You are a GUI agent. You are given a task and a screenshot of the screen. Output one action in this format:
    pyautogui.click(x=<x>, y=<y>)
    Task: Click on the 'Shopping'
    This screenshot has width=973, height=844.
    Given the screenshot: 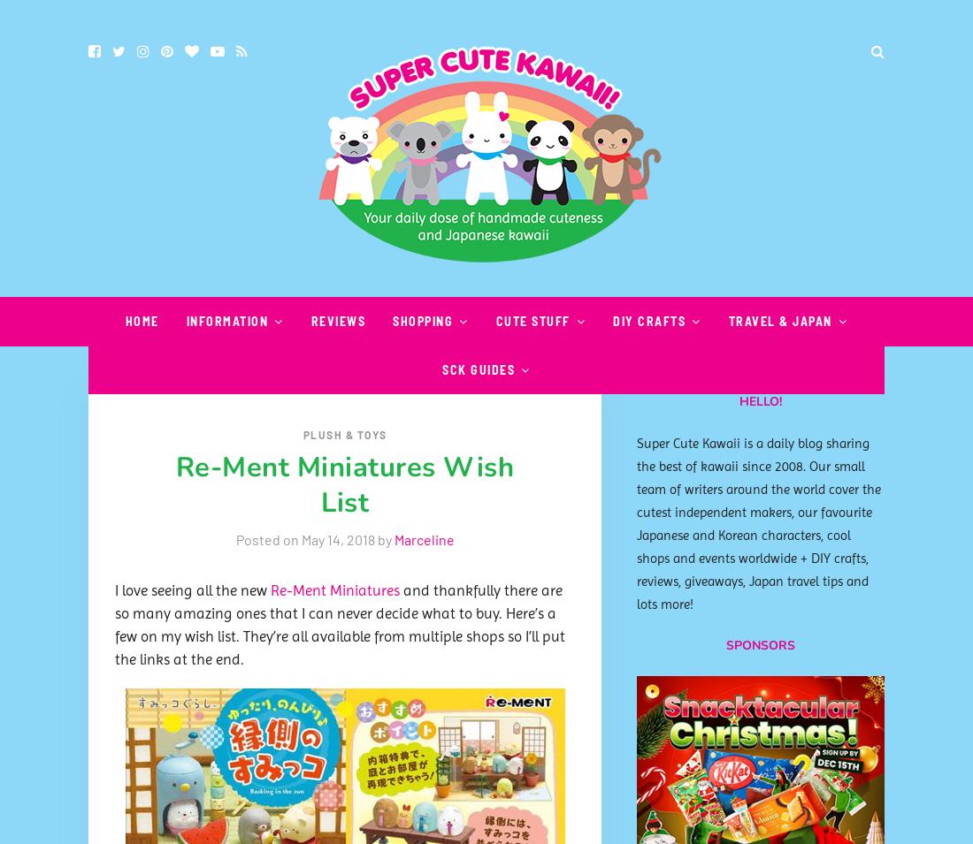 What is the action you would take?
    pyautogui.click(x=421, y=320)
    